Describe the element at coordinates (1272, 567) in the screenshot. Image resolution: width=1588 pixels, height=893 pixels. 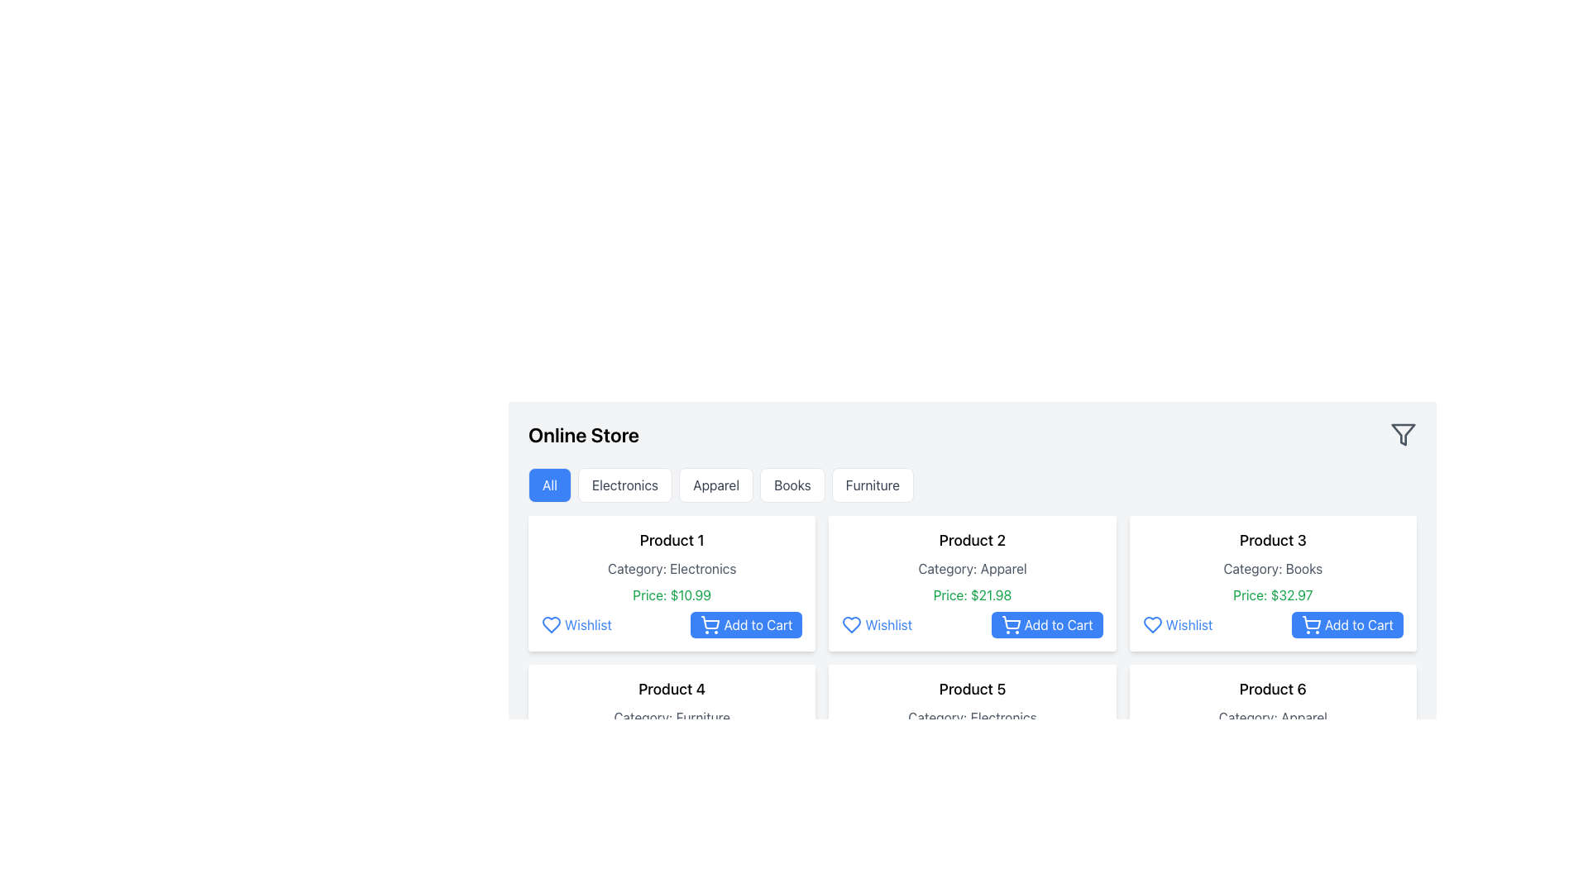
I see `the gray text label that reads 'Category: Books', located within the Product 3 card, positioned beneath the 'Product 3' title and above the 'Price: $32.97'` at that location.